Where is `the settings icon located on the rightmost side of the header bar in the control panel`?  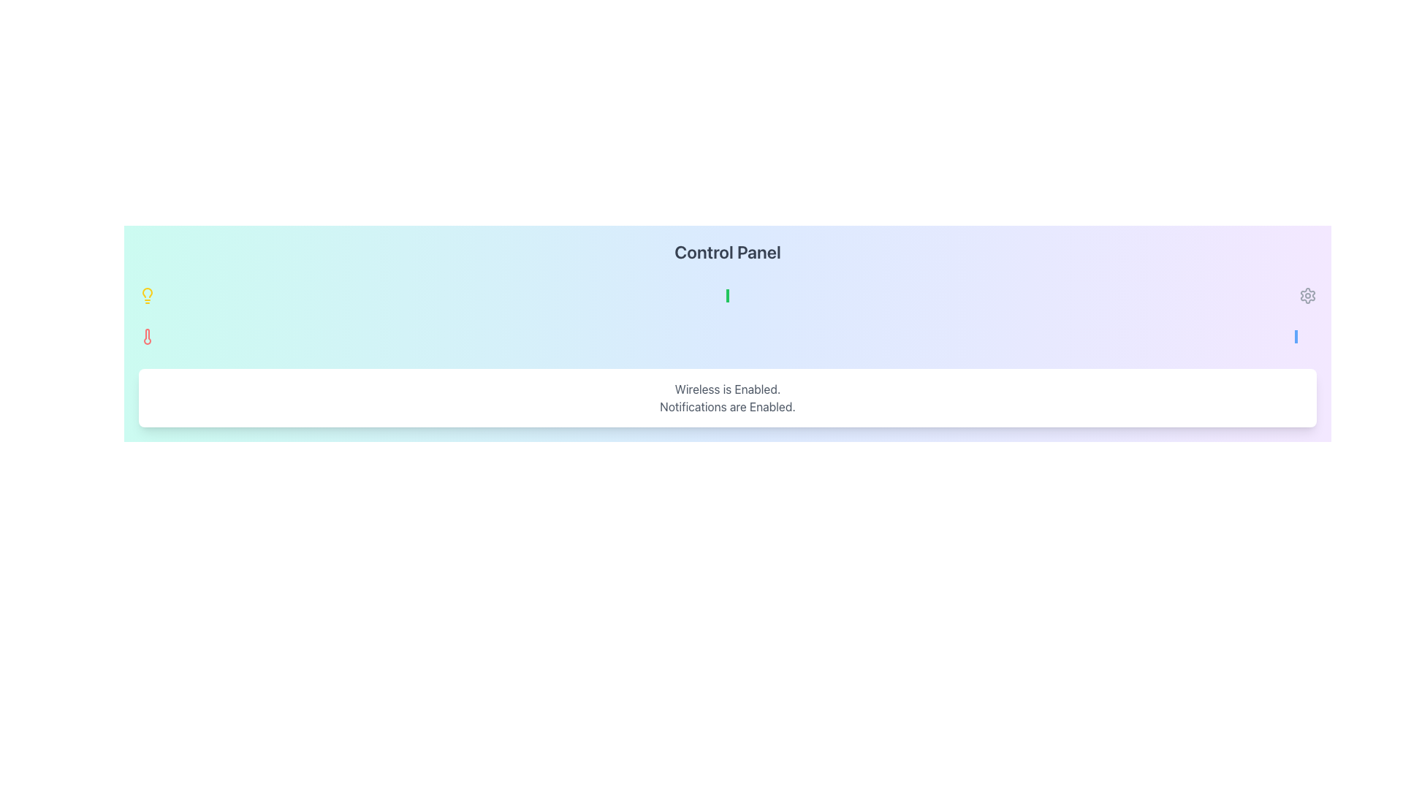
the settings icon located on the rightmost side of the header bar in the control panel is located at coordinates (1308, 296).